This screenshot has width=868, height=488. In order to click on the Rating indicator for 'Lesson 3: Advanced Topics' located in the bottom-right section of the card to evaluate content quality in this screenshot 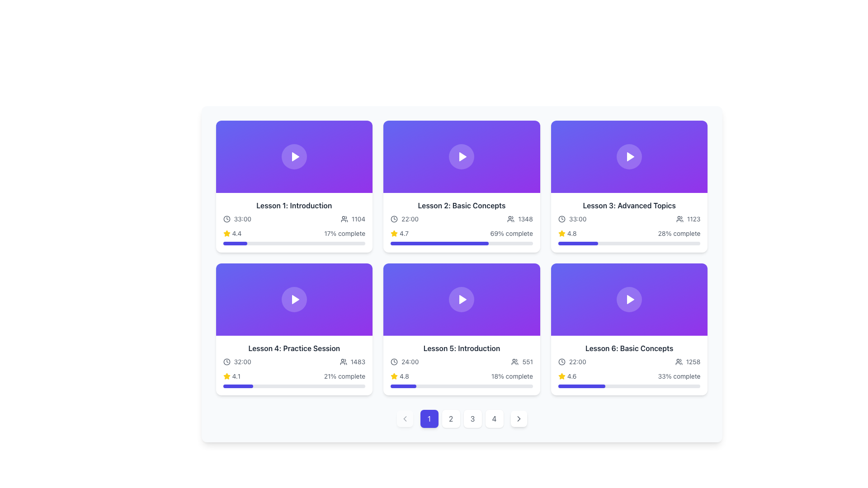, I will do `click(567, 233)`.